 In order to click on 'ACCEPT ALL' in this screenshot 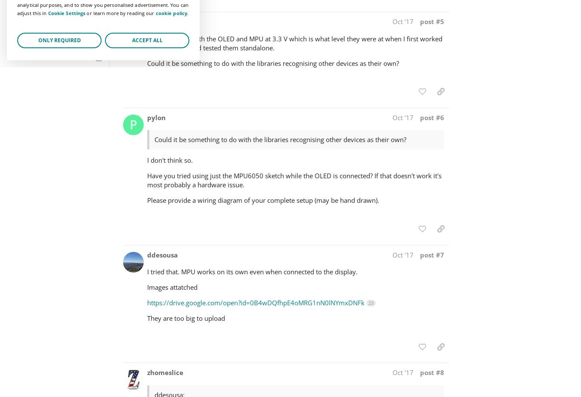, I will do `click(147, 40)`.